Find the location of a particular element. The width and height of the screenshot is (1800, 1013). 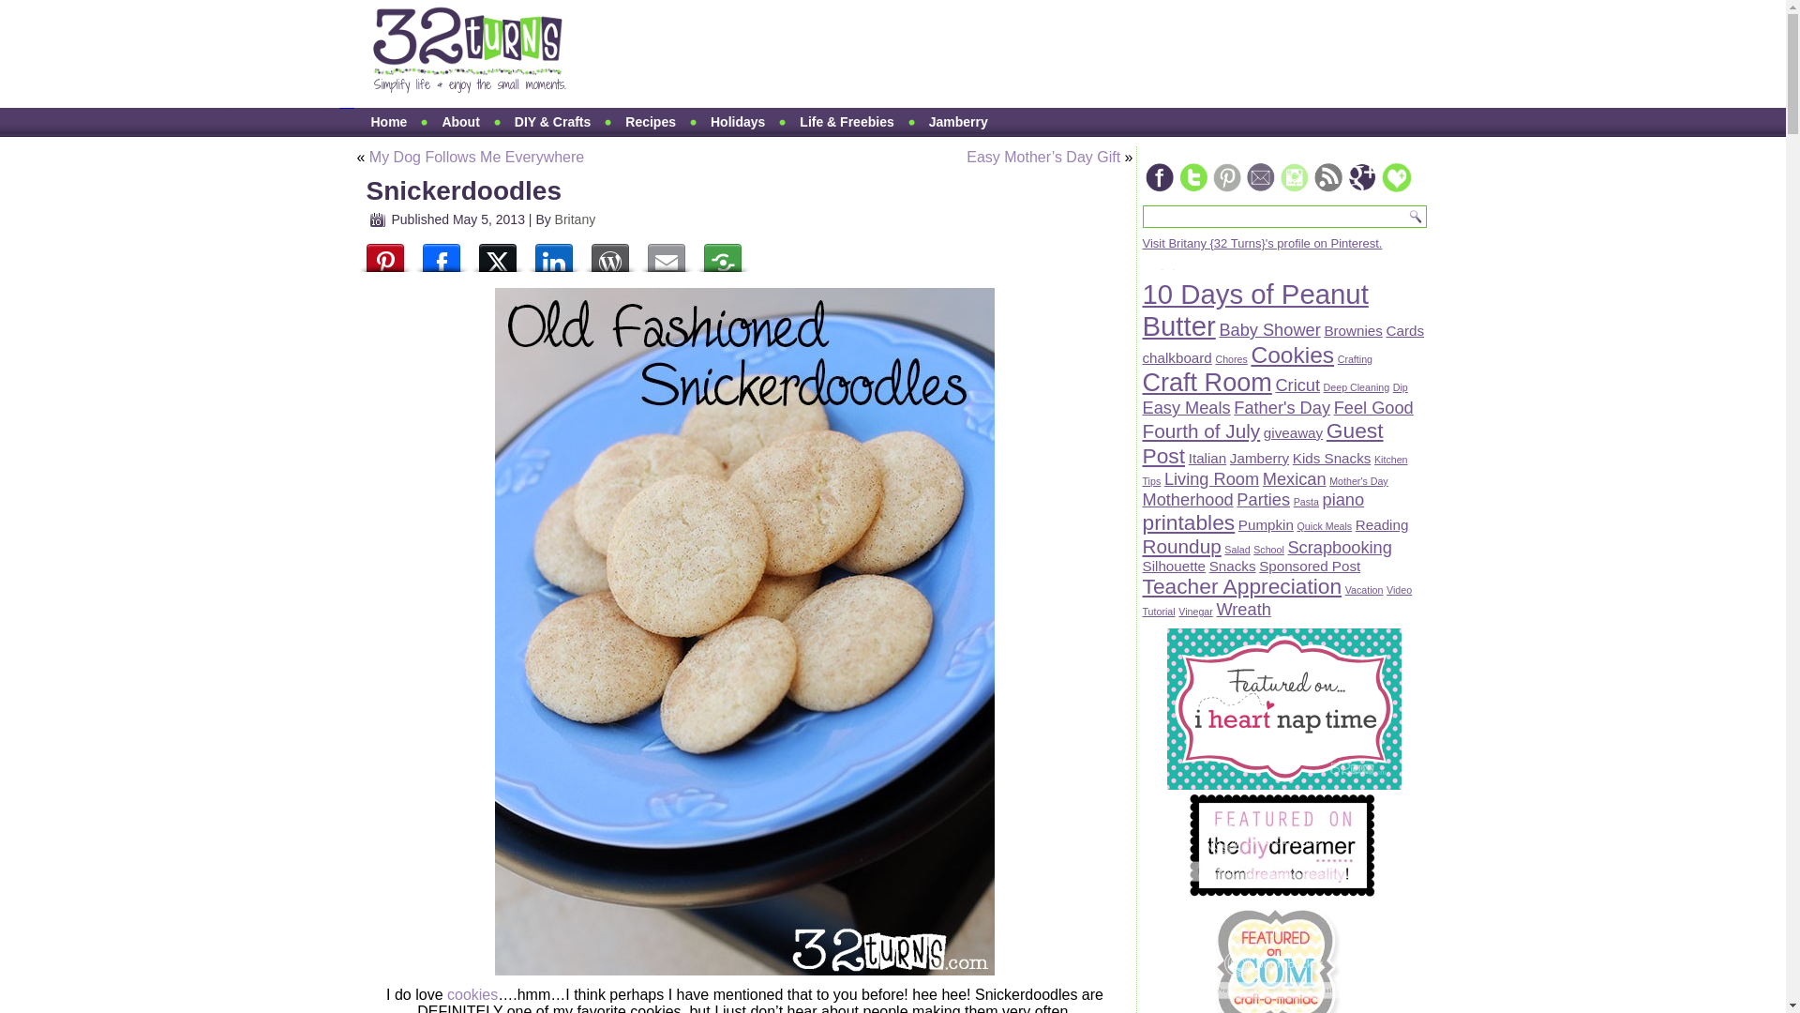

'Mexican' is located at coordinates (1294, 477).